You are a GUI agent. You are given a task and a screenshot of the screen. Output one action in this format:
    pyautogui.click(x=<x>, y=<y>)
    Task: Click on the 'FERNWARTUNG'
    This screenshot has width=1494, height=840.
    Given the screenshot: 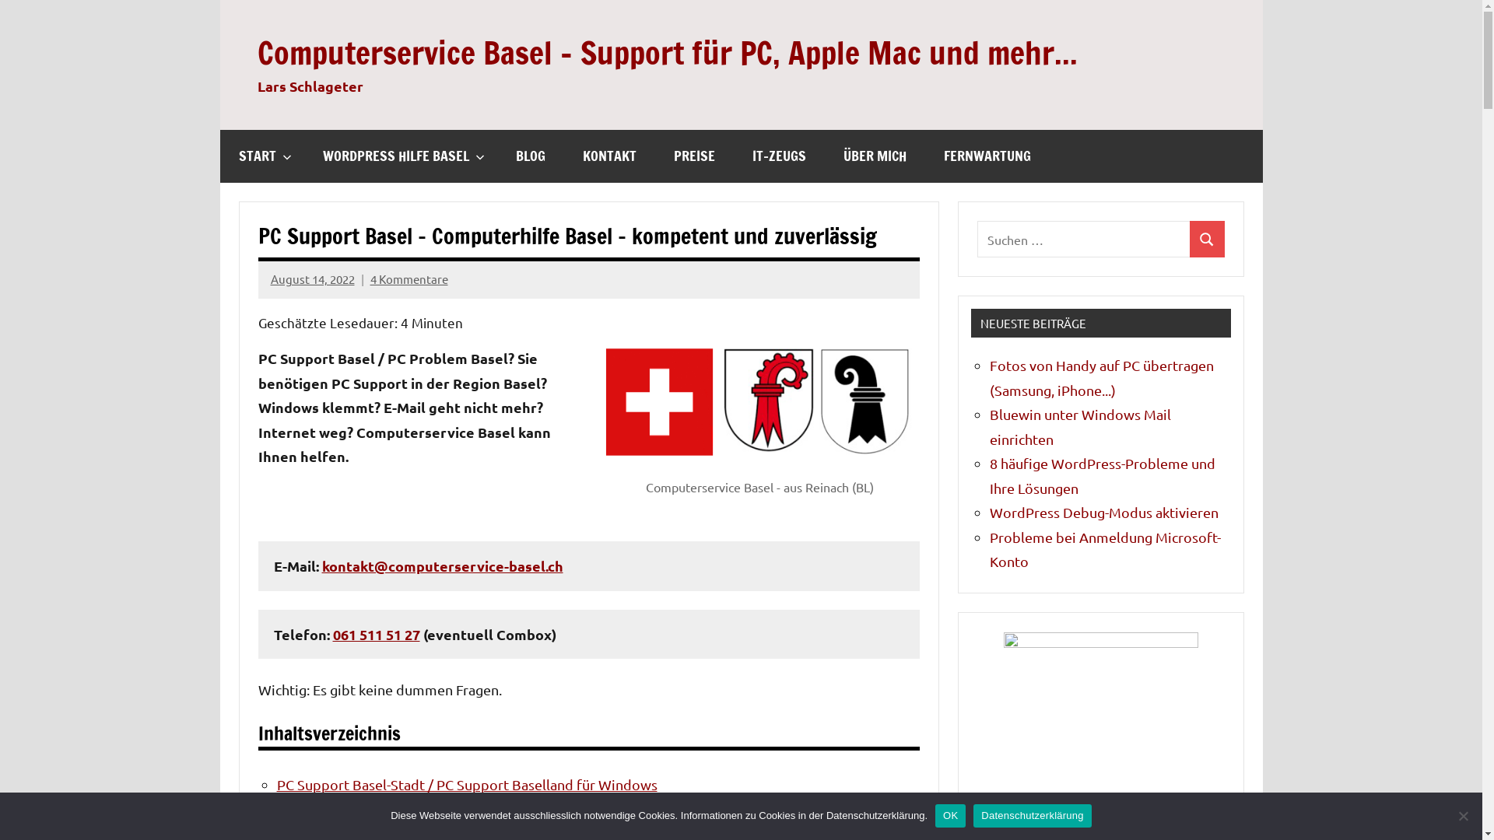 What is the action you would take?
    pyautogui.click(x=985, y=156)
    